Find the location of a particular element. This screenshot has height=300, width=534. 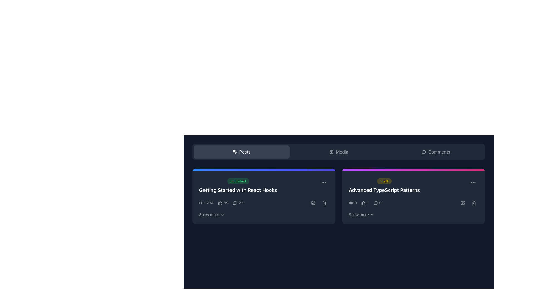

the content card titled 'Advanced TypeScript Patterns' which is the second card in a two-column grid layout with a dark gray background and a gradient color bar at the top is located at coordinates (414, 196).